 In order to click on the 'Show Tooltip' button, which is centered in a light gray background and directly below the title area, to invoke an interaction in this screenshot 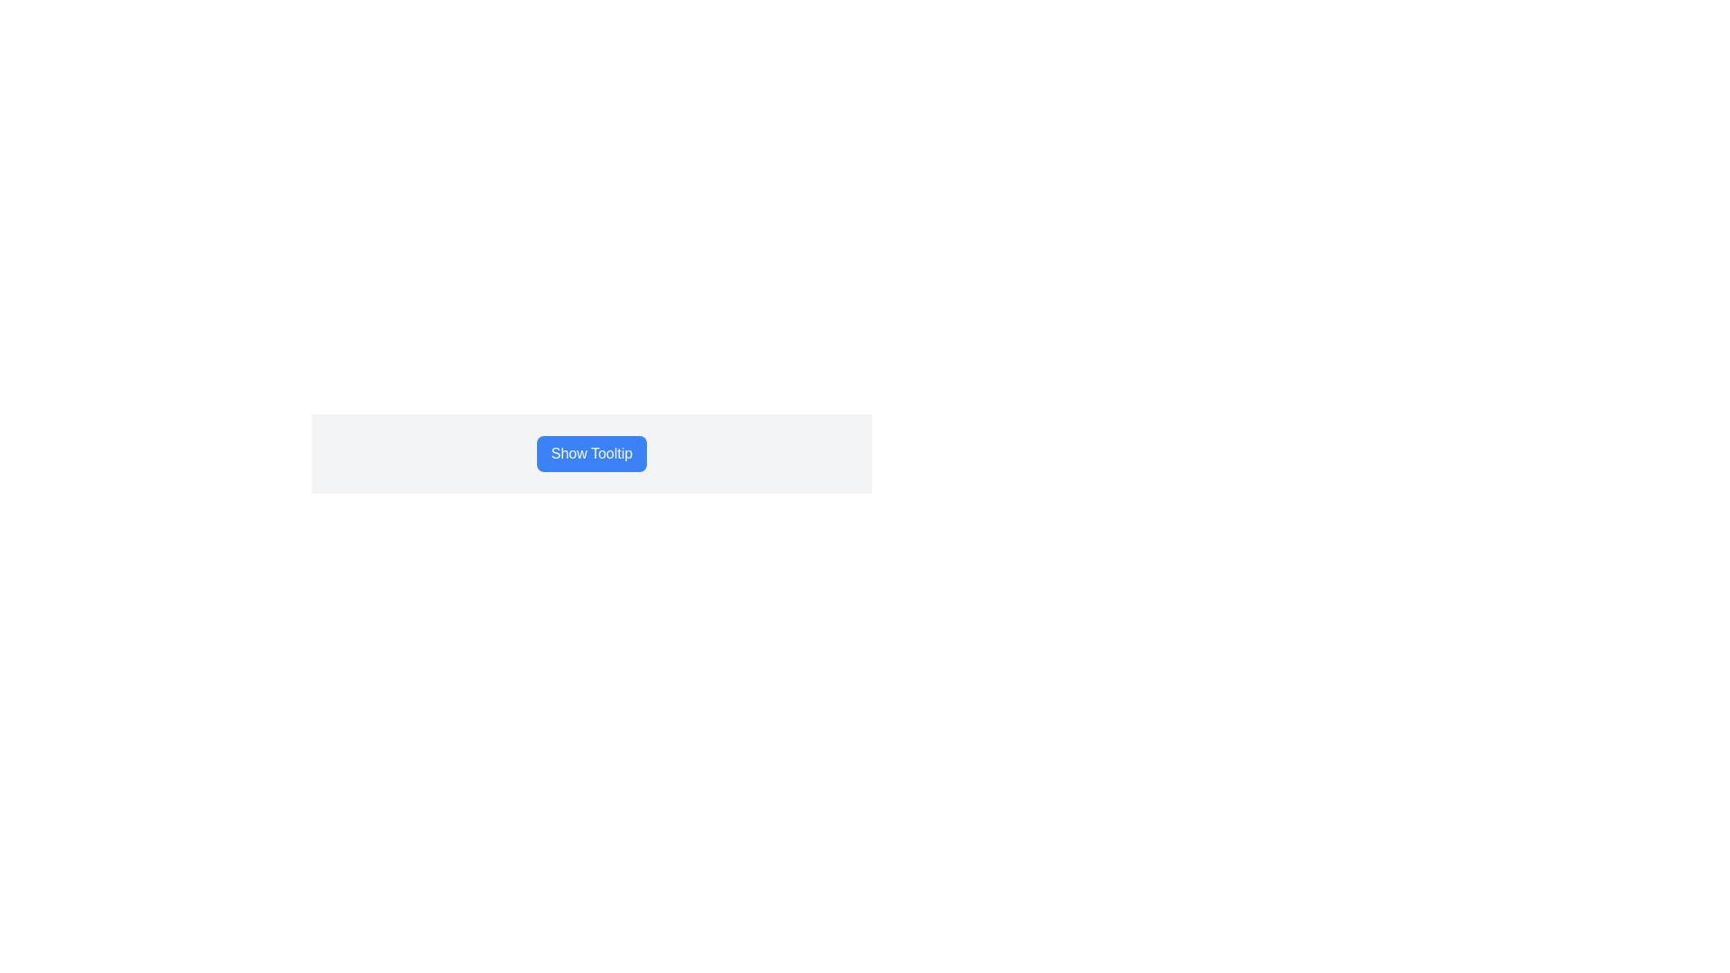, I will do `click(592, 453)`.